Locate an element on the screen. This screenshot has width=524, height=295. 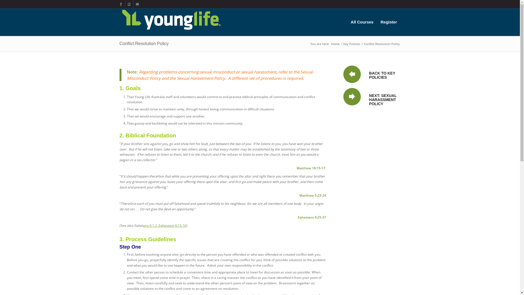
'NEXT: SEXUAL HARASSMENT POLICY' is located at coordinates (382, 100).